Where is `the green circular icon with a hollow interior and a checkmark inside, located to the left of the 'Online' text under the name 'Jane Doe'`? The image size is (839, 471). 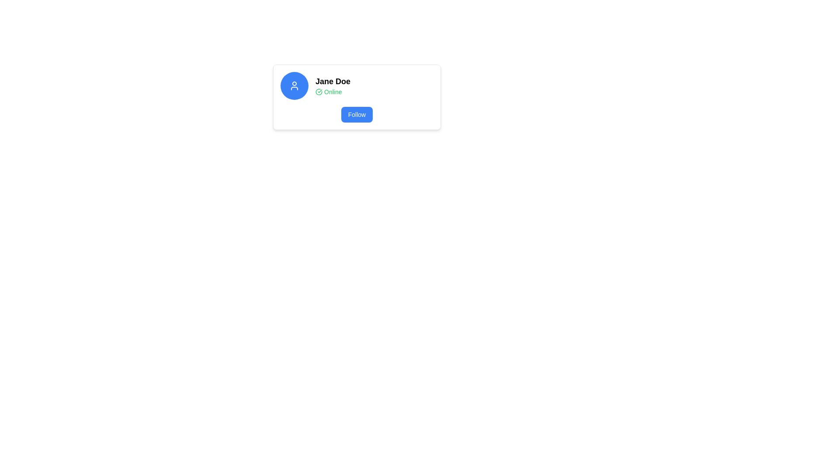
the green circular icon with a hollow interior and a checkmark inside, located to the left of the 'Online' text under the name 'Jane Doe' is located at coordinates (318, 92).